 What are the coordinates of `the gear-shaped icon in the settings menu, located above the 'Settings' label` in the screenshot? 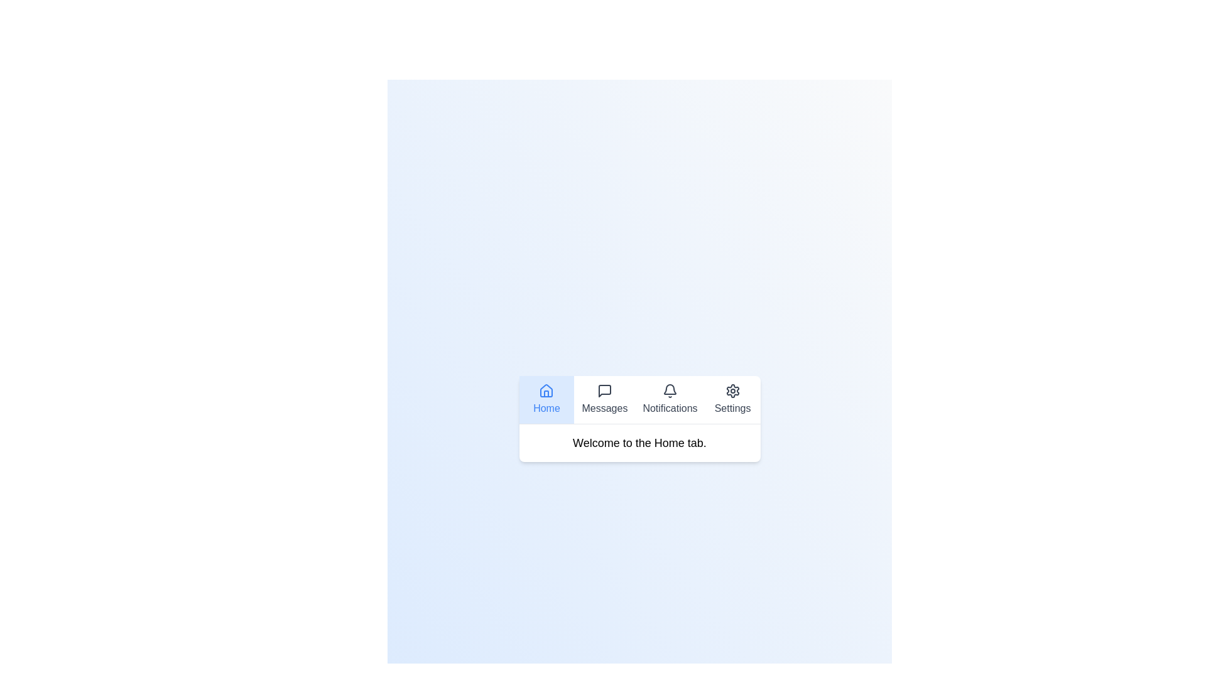 It's located at (732, 390).